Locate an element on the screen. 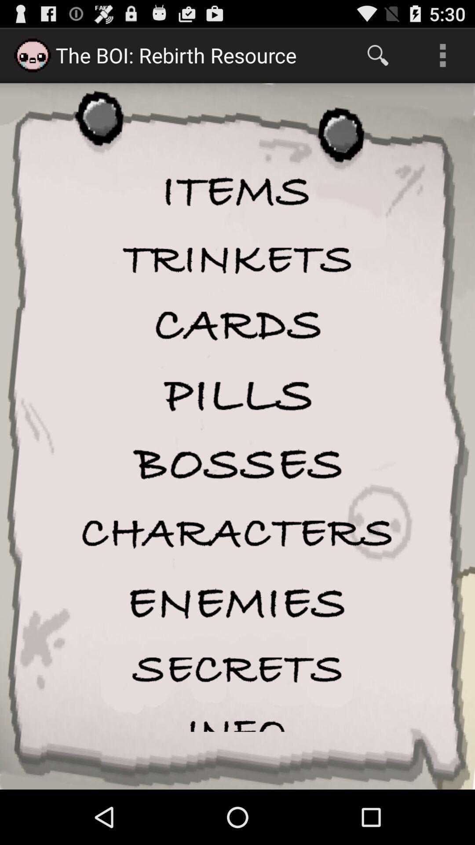 The image size is (475, 845). cards is located at coordinates (237, 325).